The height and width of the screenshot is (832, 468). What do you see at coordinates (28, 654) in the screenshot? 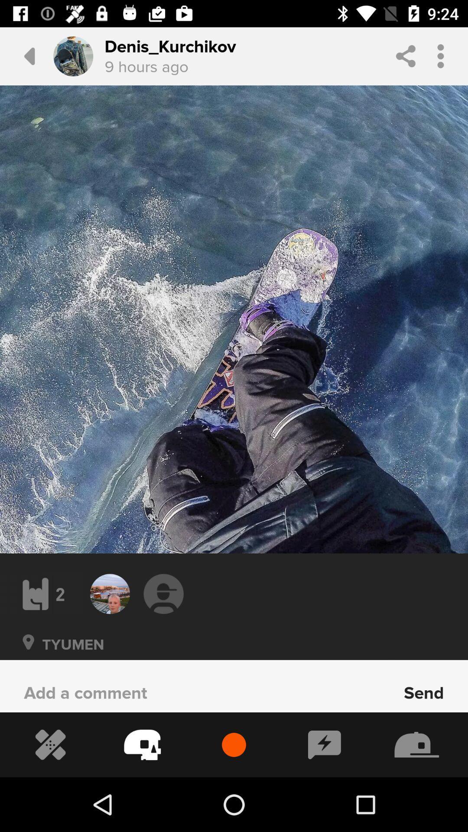
I see `the close icon` at bounding box center [28, 654].